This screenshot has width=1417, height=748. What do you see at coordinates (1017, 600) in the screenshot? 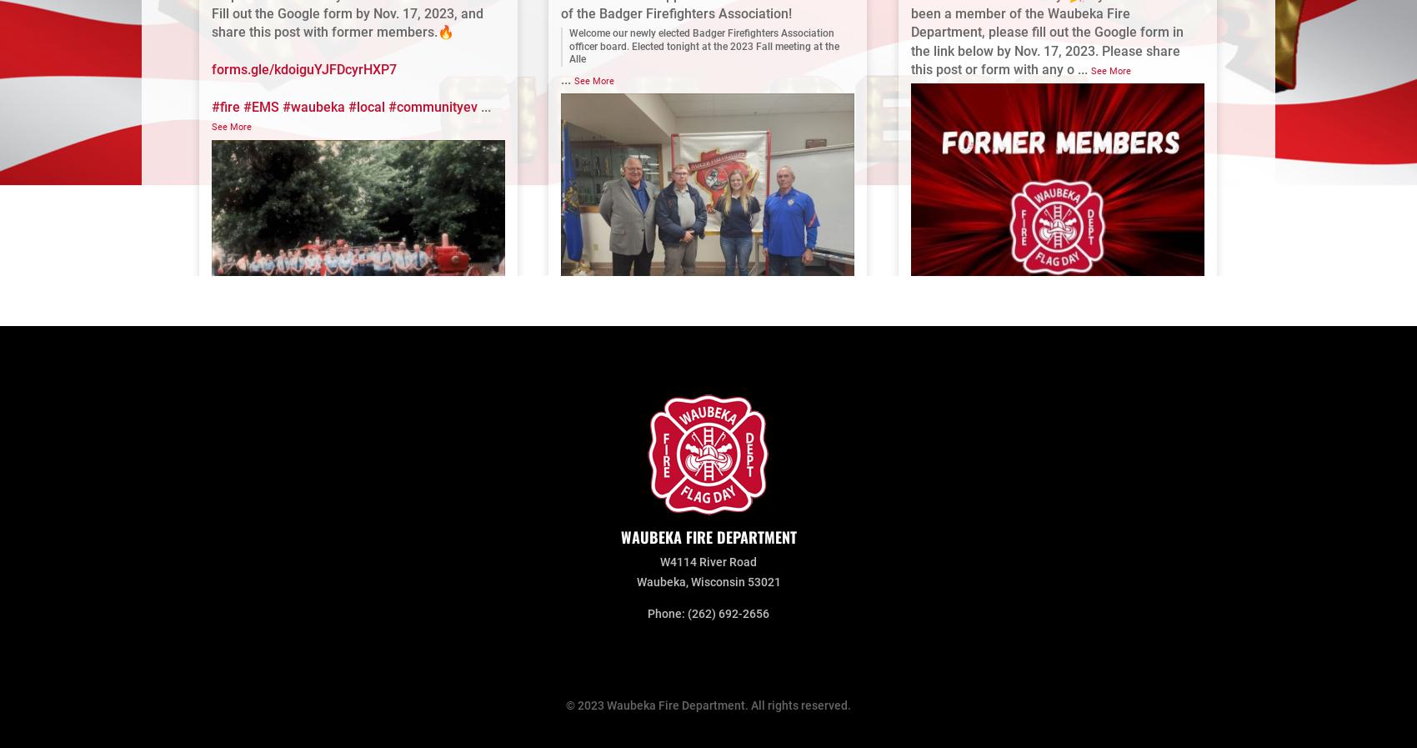
I see `'#food'` at bounding box center [1017, 600].